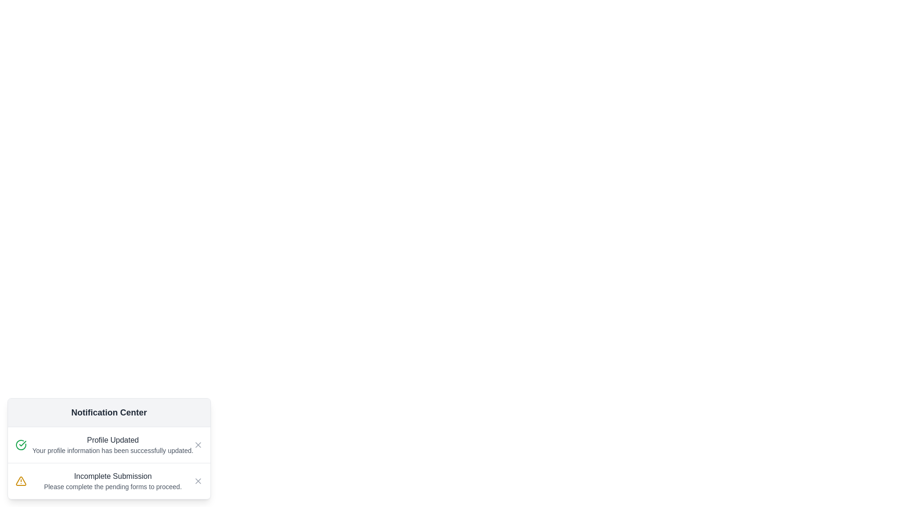 This screenshot has height=507, width=902. What do you see at coordinates (113, 486) in the screenshot?
I see `message displayed in the text label that says 'Please complete the pending forms to proceed.' located below the title 'Incomplete Submission' in the notification card` at bounding box center [113, 486].